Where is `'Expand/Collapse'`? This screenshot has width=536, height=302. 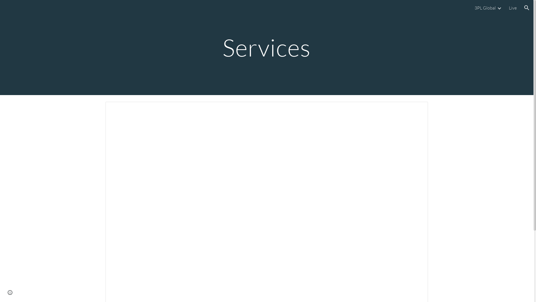 'Expand/Collapse' is located at coordinates (499, 8).